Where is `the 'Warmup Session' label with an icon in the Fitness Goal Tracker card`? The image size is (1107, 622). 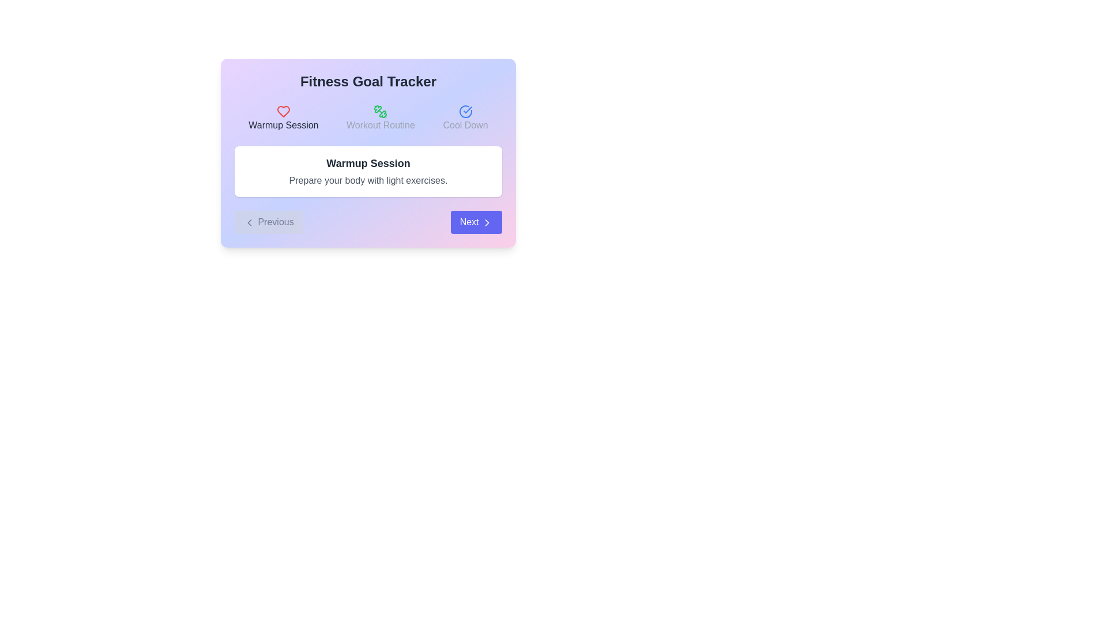
the 'Warmup Session' label with an icon in the Fitness Goal Tracker card is located at coordinates (283, 118).